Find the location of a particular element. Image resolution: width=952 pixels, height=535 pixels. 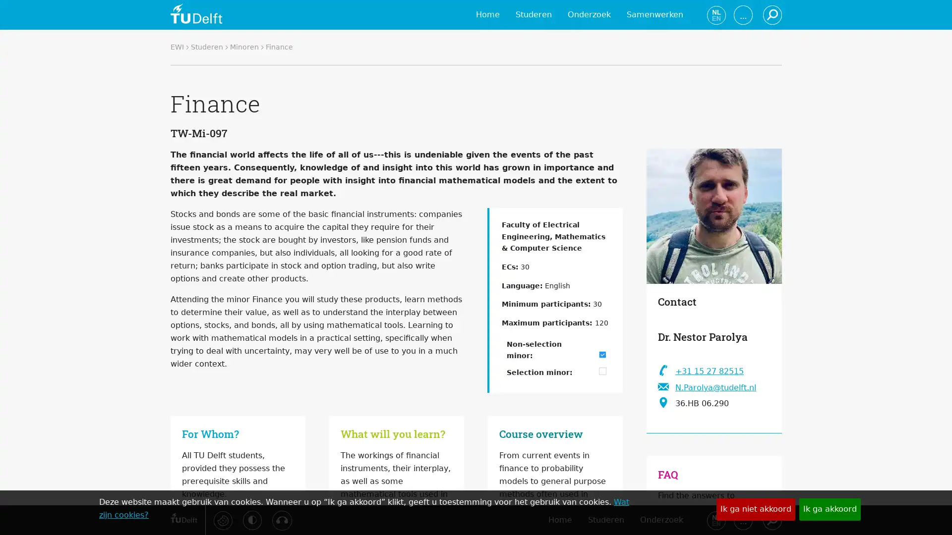

Zoeken is located at coordinates (771, 519).